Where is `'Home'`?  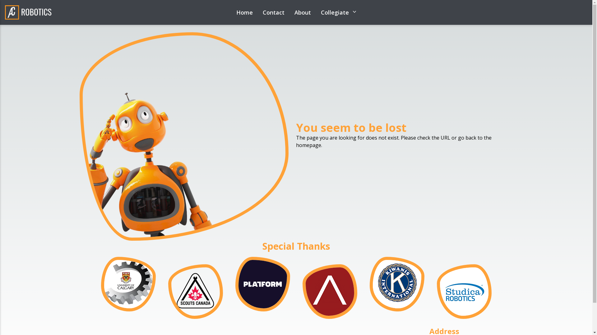
'Home' is located at coordinates (236, 12).